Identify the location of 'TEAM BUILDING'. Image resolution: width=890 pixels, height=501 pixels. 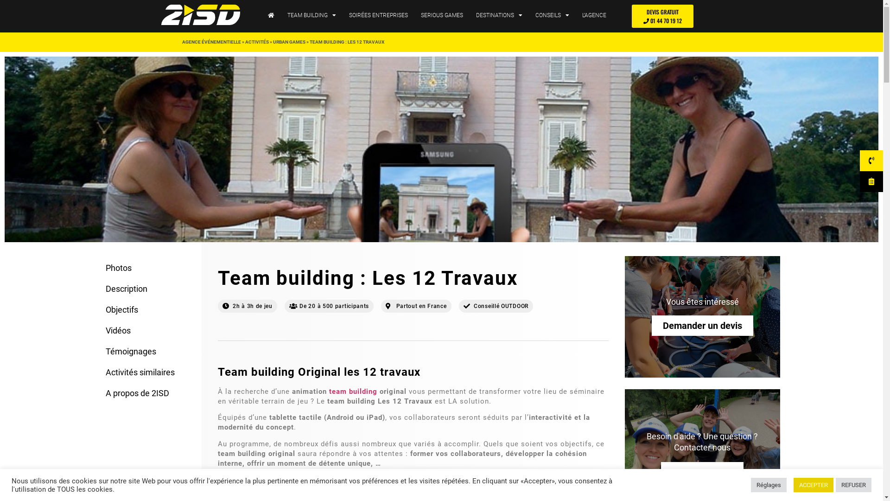
(311, 15).